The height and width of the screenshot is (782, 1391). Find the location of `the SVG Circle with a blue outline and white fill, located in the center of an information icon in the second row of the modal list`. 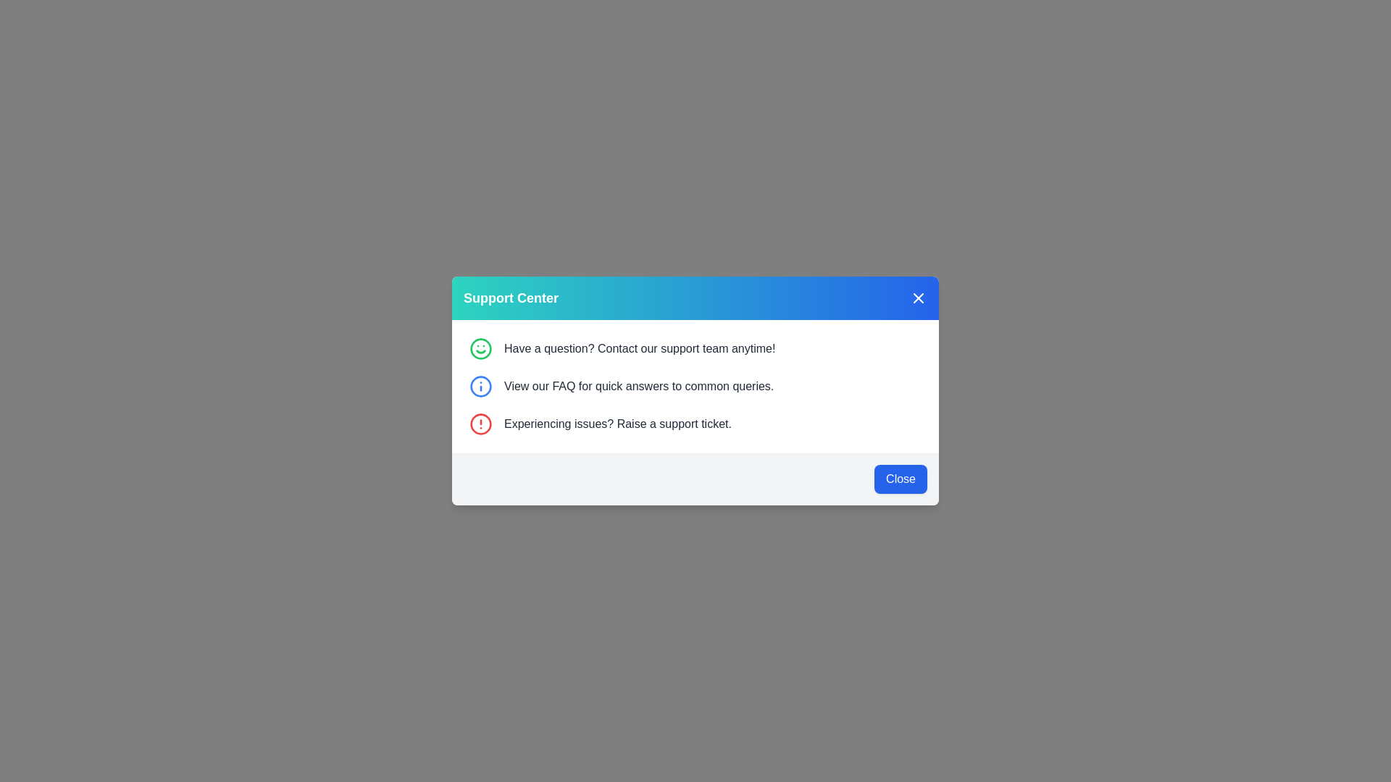

the SVG Circle with a blue outline and white fill, located in the center of an information icon in the second row of the modal list is located at coordinates (480, 385).